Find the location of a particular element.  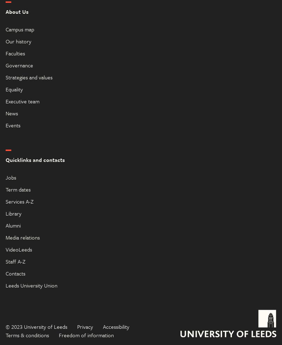

'Staff A-Z' is located at coordinates (6, 260).